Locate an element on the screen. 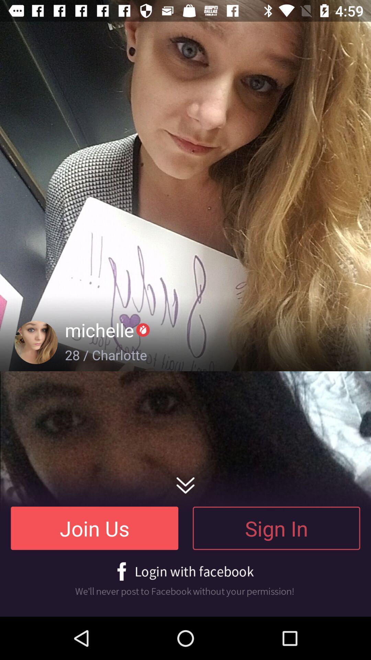 The image size is (371, 660). facebook login is located at coordinates (185, 579).